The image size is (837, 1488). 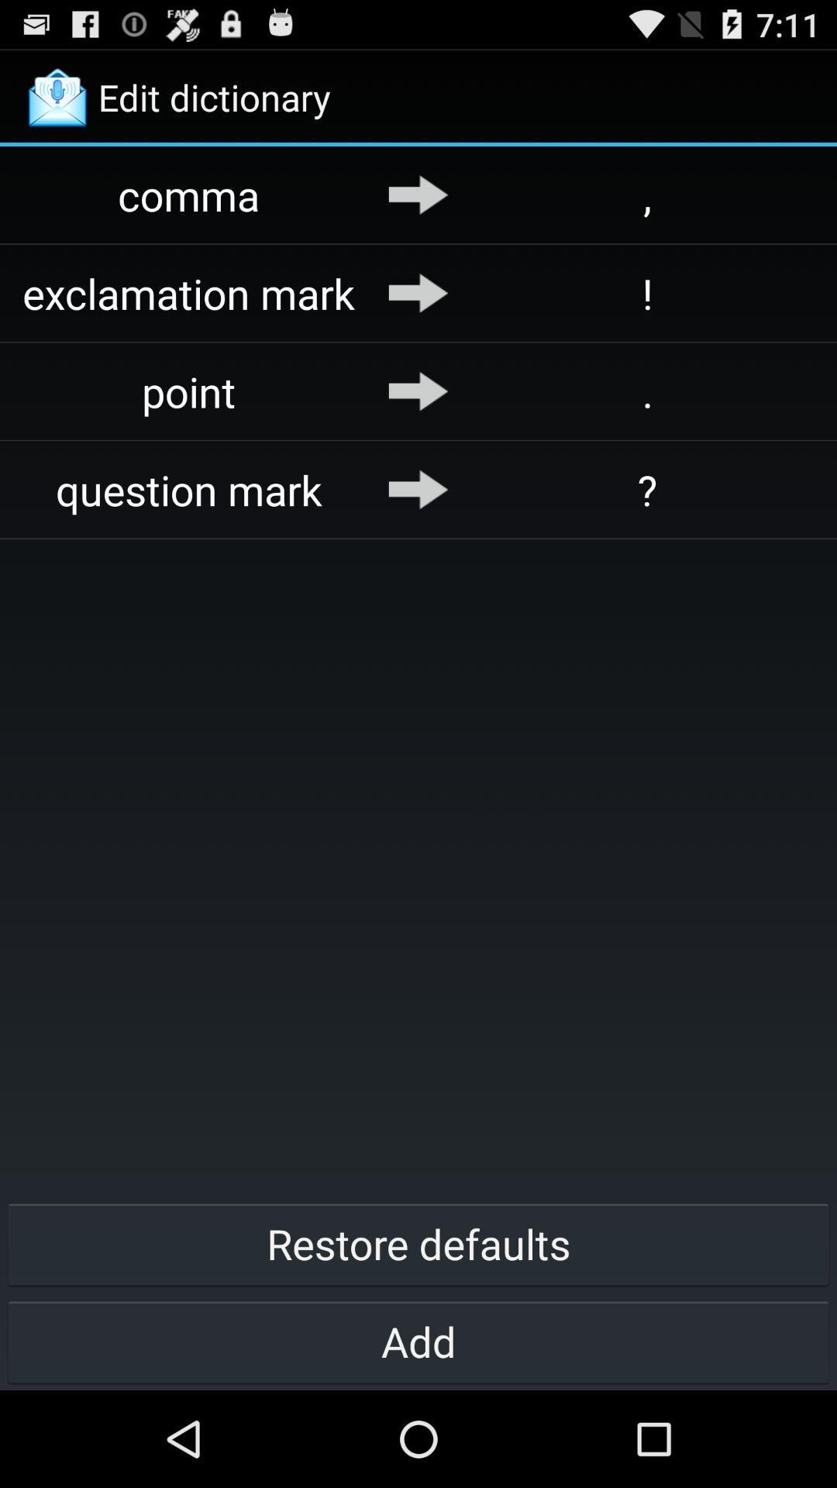 What do you see at coordinates (188, 293) in the screenshot?
I see `exclamation mark` at bounding box center [188, 293].